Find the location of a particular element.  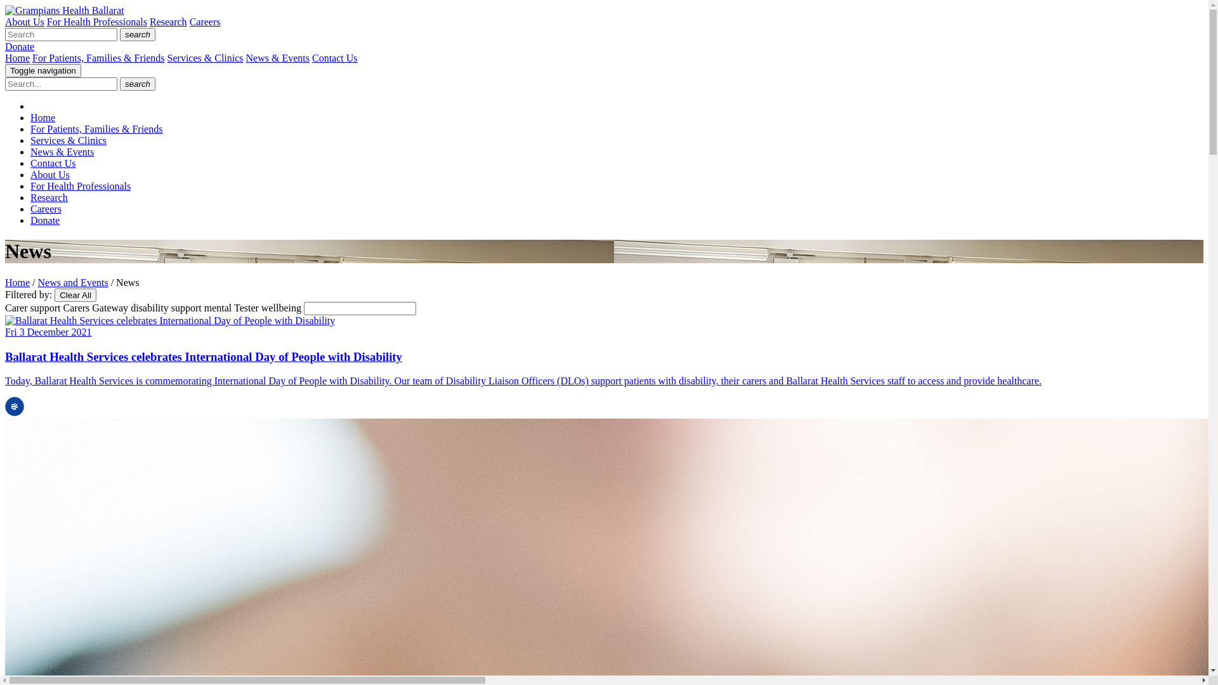

'Contact Us' is located at coordinates (52, 162).